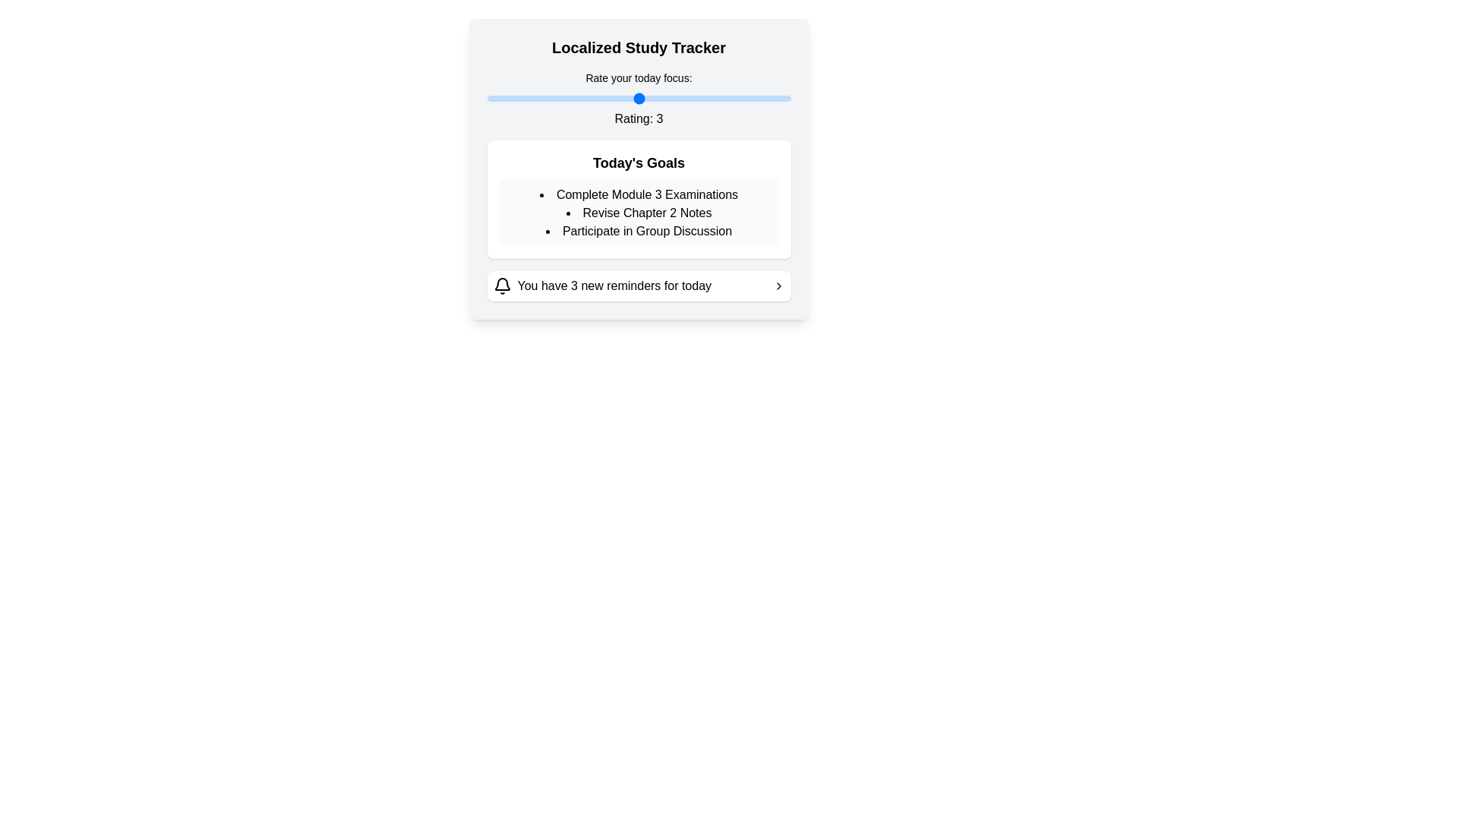 This screenshot has height=820, width=1458. I want to click on the bullet-point list with a light gray background containing three entries: 'Complete Module 3 Examinations,' 'Revise Chapter 2 Notes,' and 'Participate in Group Discussion,' located beneath the section heading 'Today's Goals.', so click(639, 213).